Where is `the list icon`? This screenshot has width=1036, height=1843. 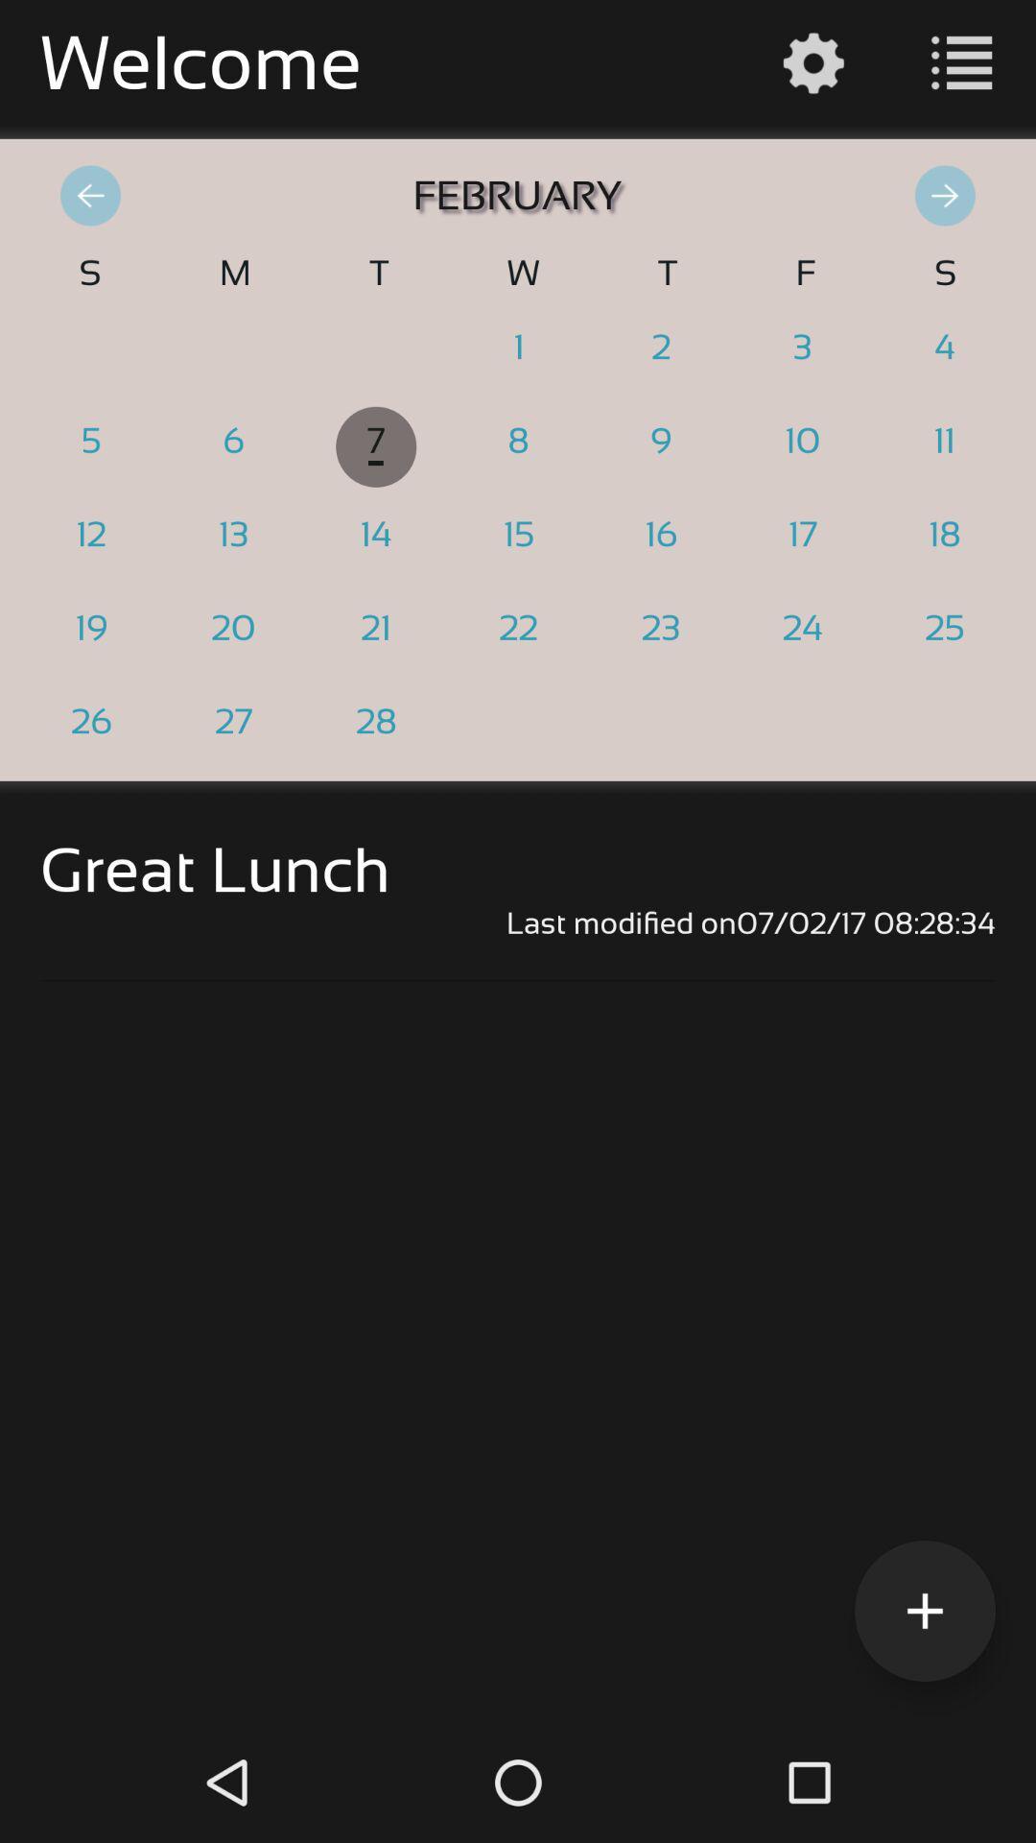
the list icon is located at coordinates (961, 62).